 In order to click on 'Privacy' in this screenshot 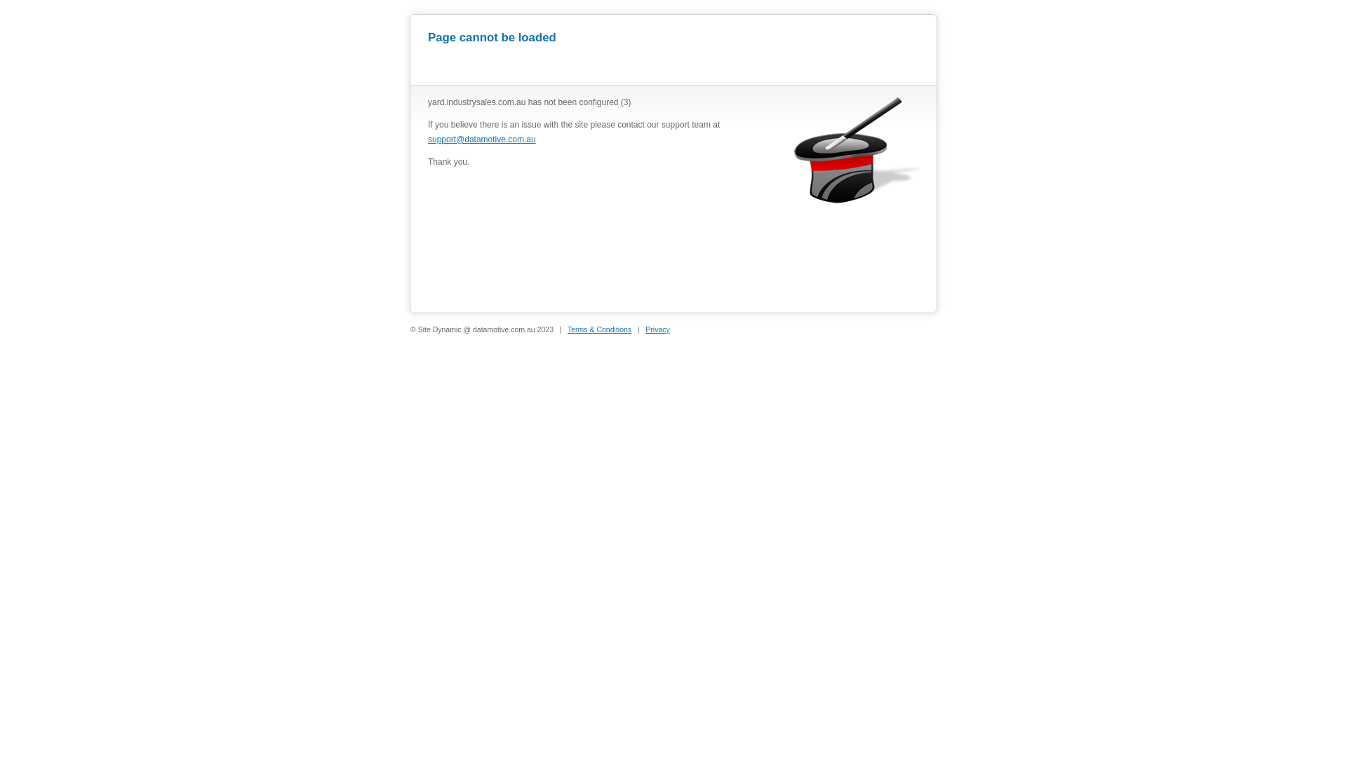, I will do `click(656, 329)`.